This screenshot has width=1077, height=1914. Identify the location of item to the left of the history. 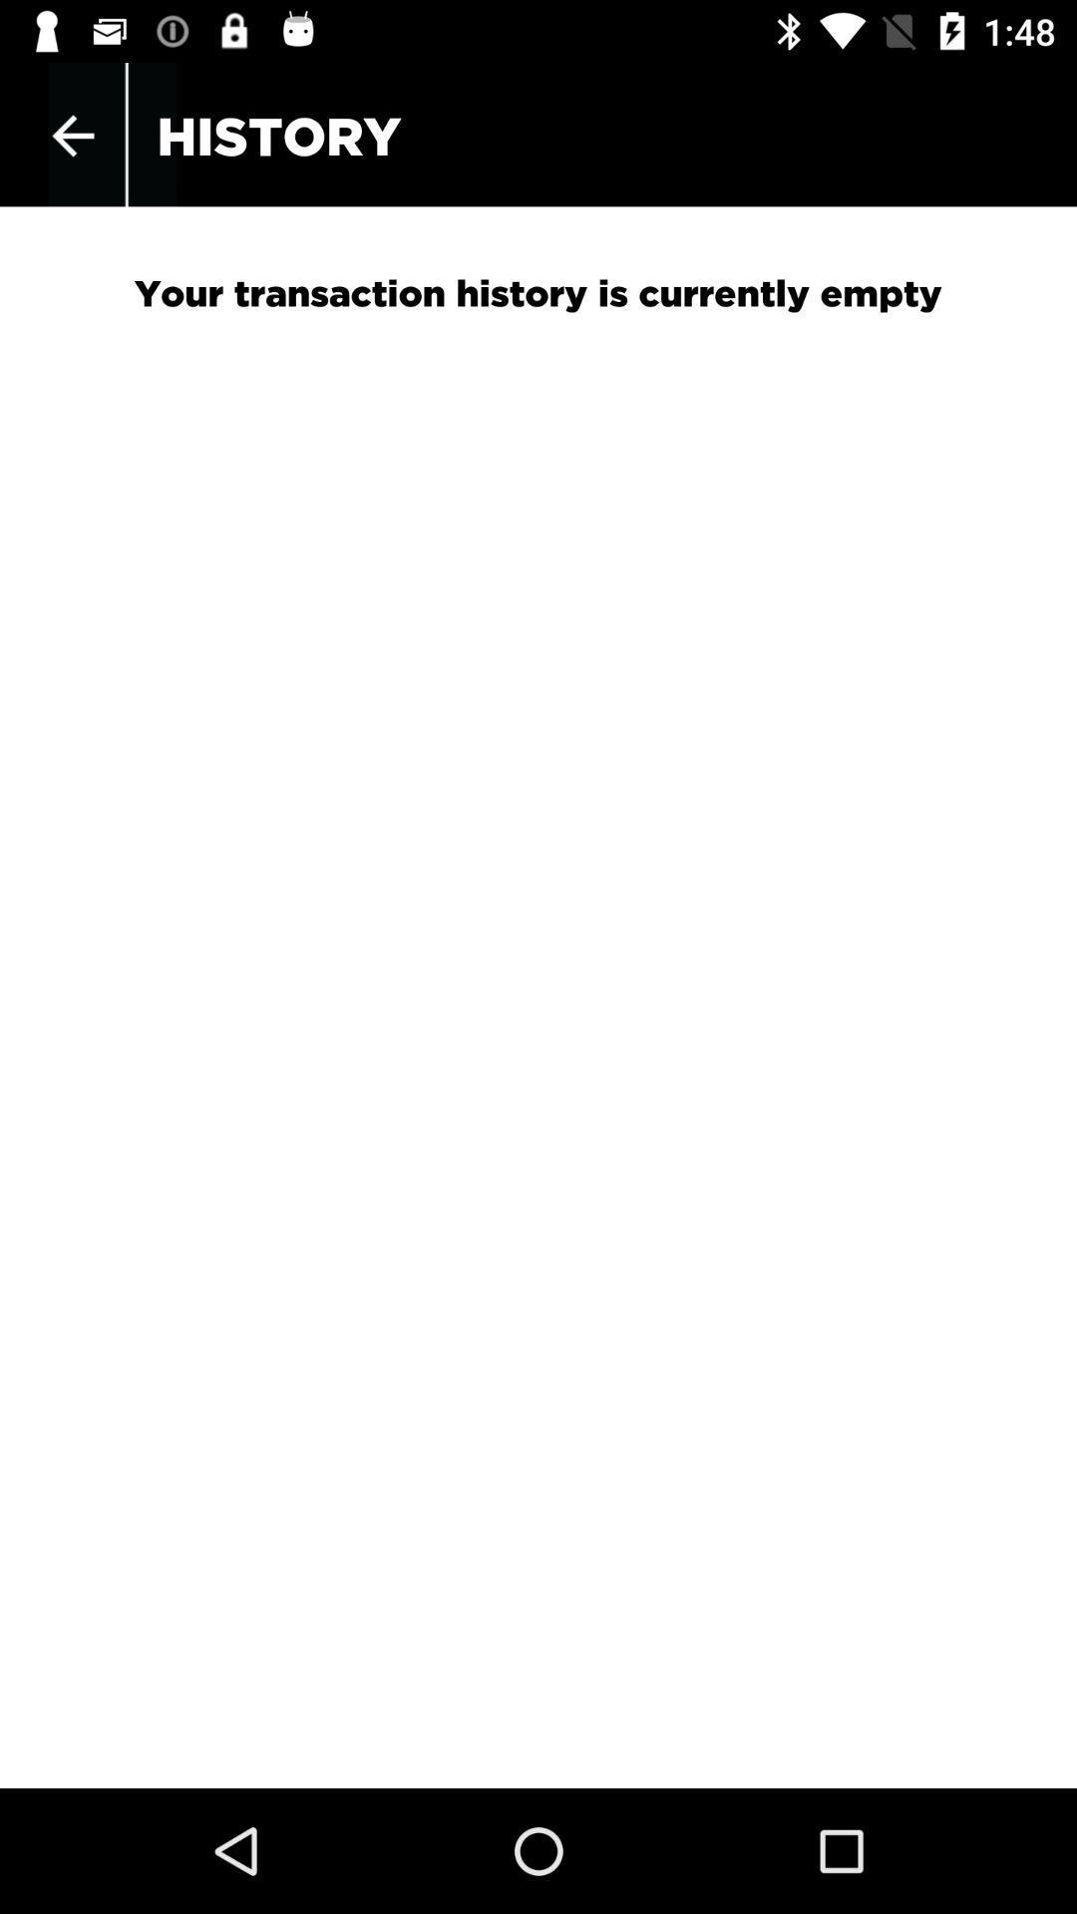
(72, 135).